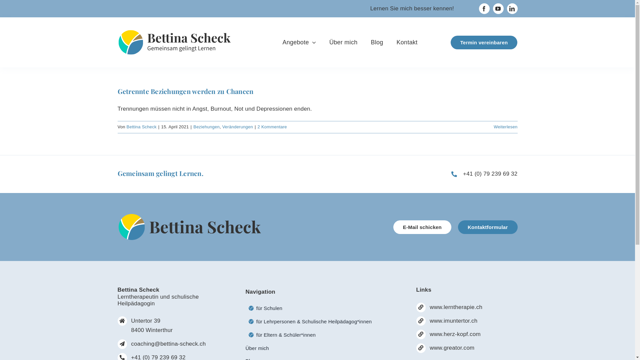 Image resolution: width=640 pixels, height=360 pixels. I want to click on 'Kontaktformular', so click(488, 227).